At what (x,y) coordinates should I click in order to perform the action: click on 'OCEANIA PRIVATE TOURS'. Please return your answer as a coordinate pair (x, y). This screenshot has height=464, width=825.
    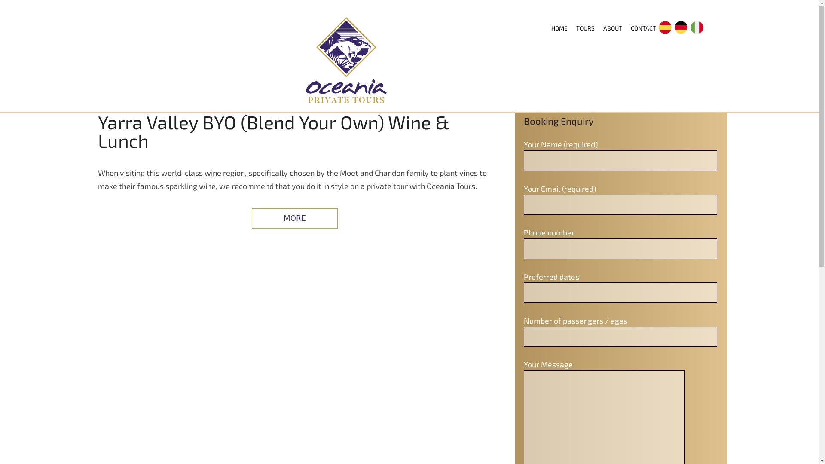
    Looking at the image, I should click on (346, 59).